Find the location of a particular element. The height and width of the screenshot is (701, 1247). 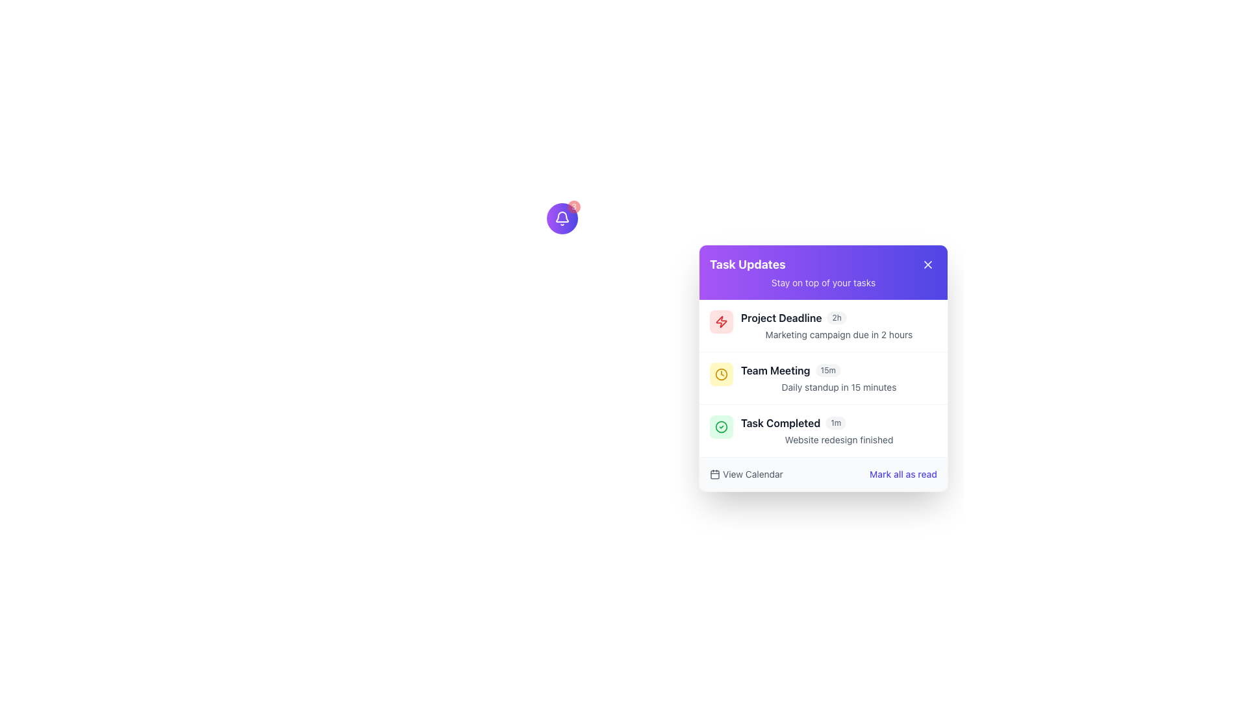

the Close Button, a compact circular button with a cross-shaped icon, located on the far right of the 'Task Updates' header section is located at coordinates (927, 264).